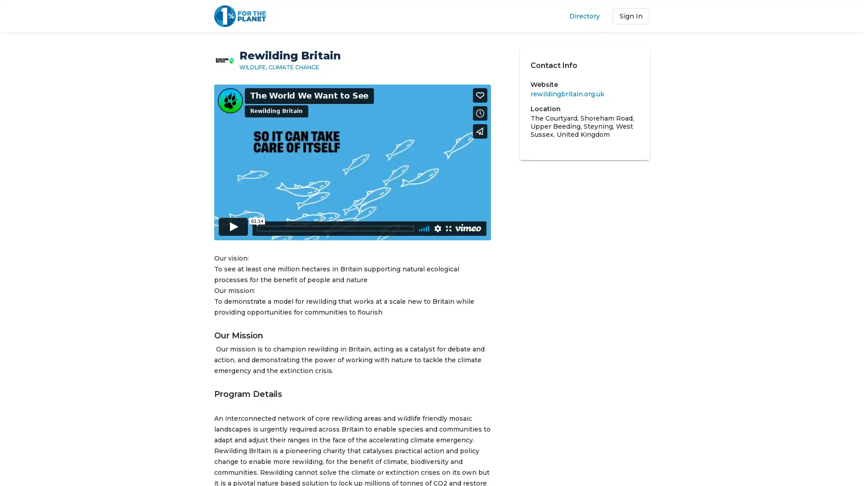  What do you see at coordinates (630, 16) in the screenshot?
I see `Sign In` at bounding box center [630, 16].